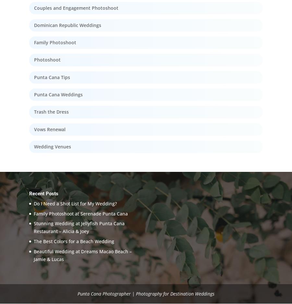 The height and width of the screenshot is (304, 292). I want to click on 'Recent Posts', so click(44, 193).